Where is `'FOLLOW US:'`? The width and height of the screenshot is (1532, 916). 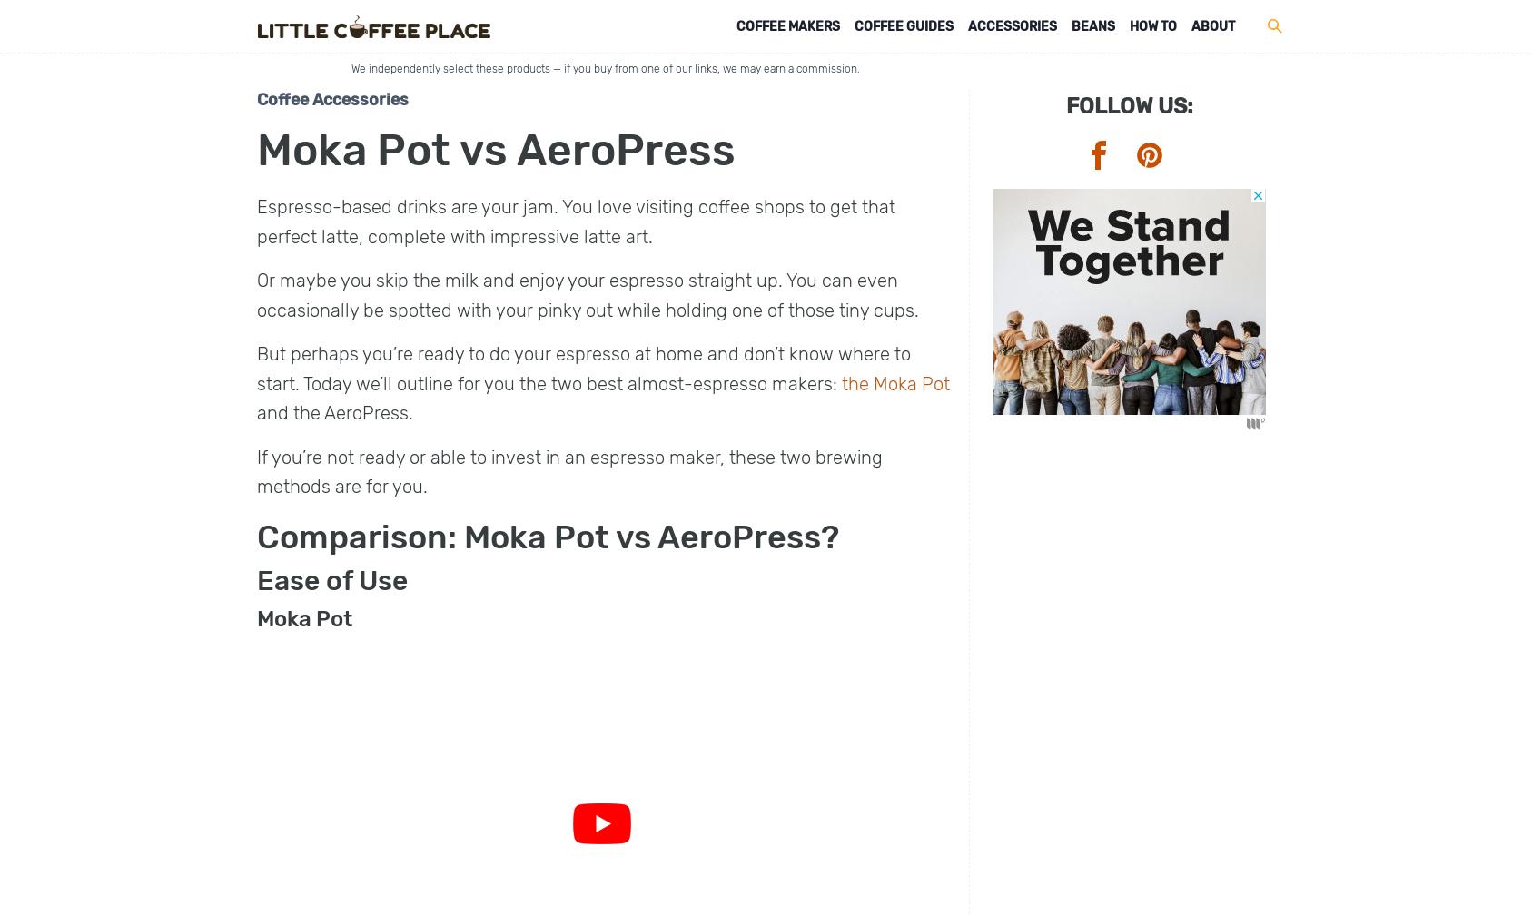
'FOLLOW US:' is located at coordinates (1128, 105).